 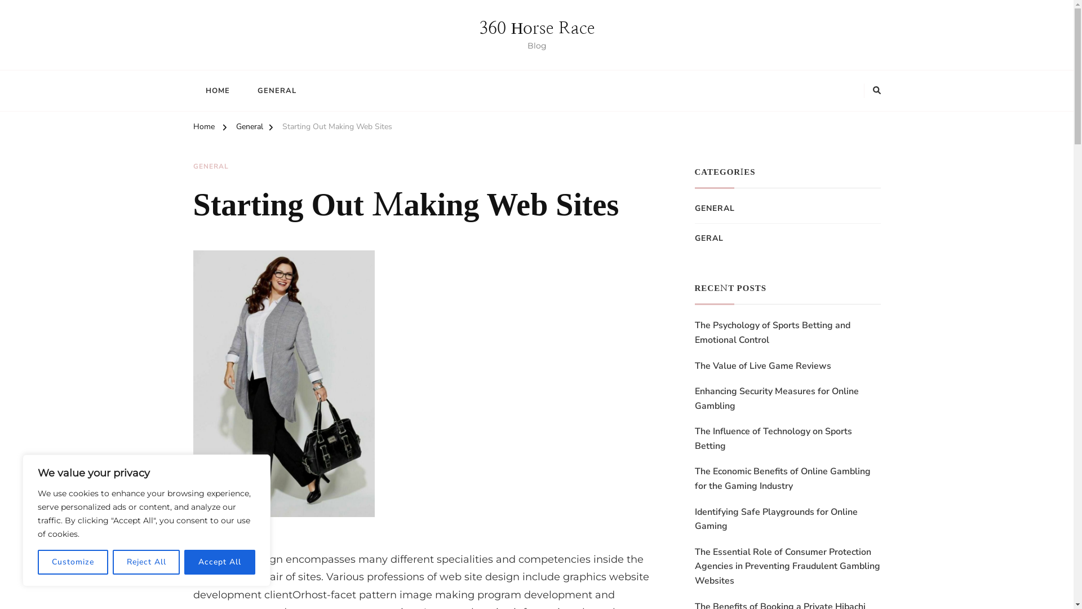 I want to click on 'HOME', so click(x=192, y=90).